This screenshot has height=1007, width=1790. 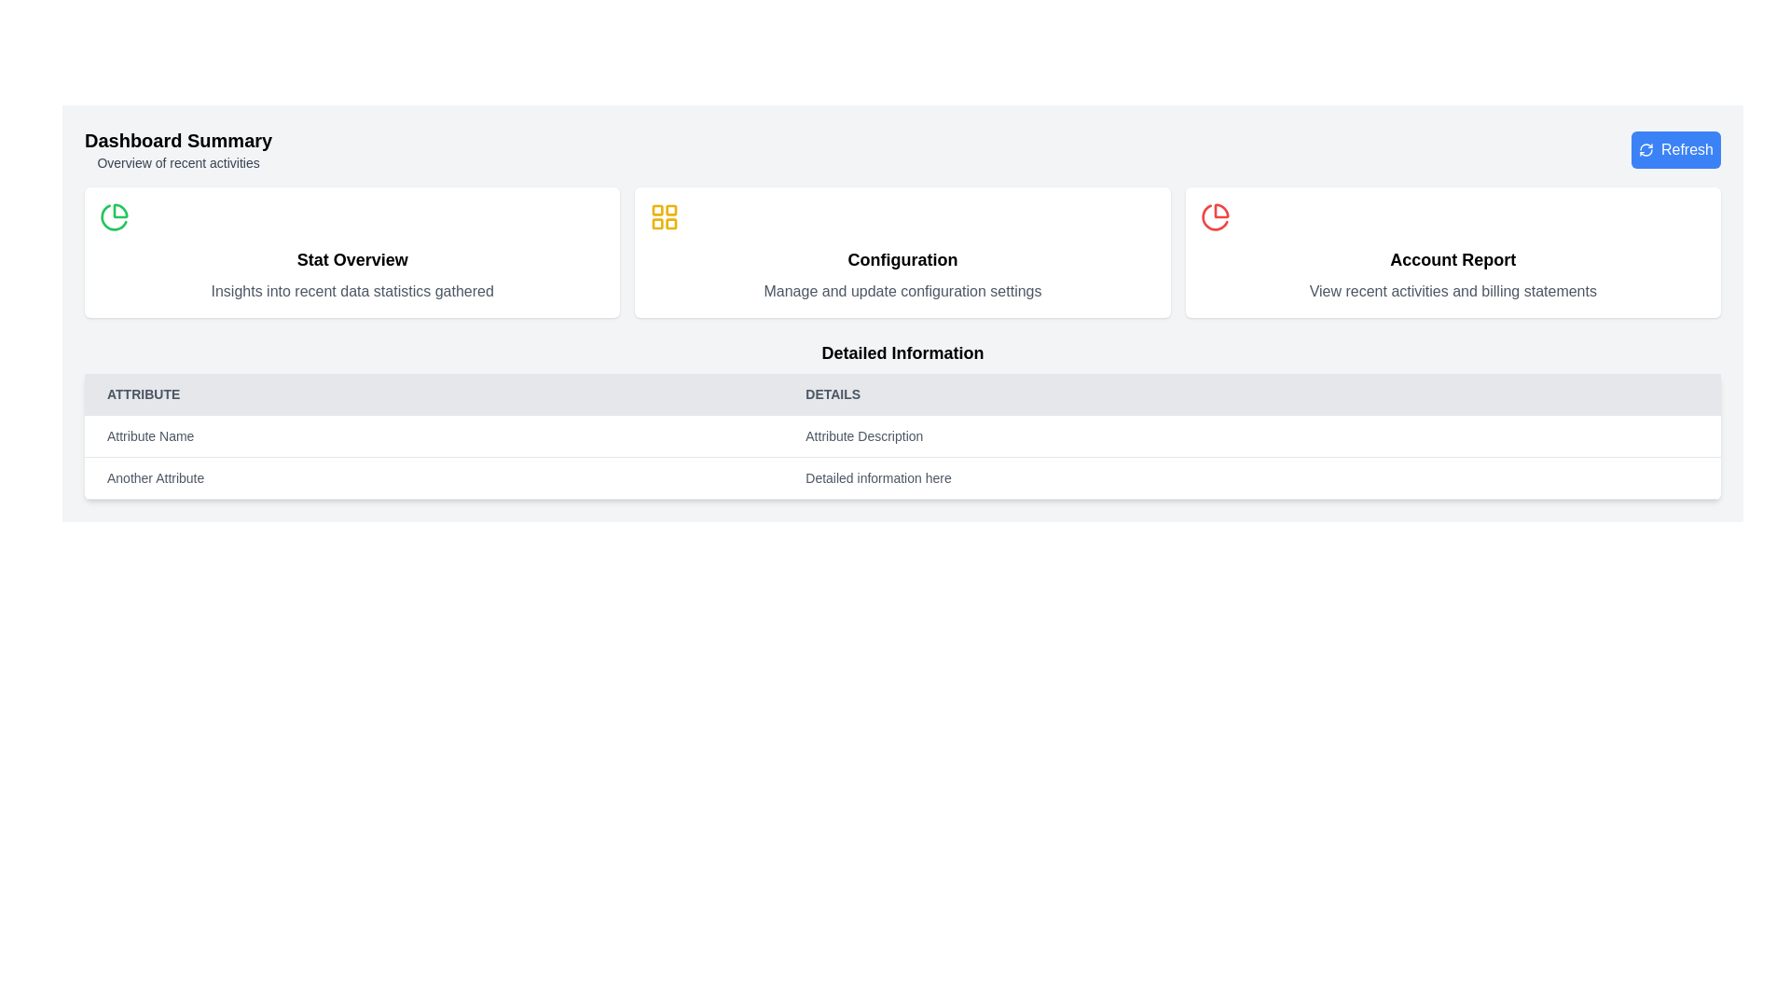 What do you see at coordinates (1646, 149) in the screenshot?
I see `the decorative icon within the 'Refresh' button located in the top-right corner of the interface` at bounding box center [1646, 149].